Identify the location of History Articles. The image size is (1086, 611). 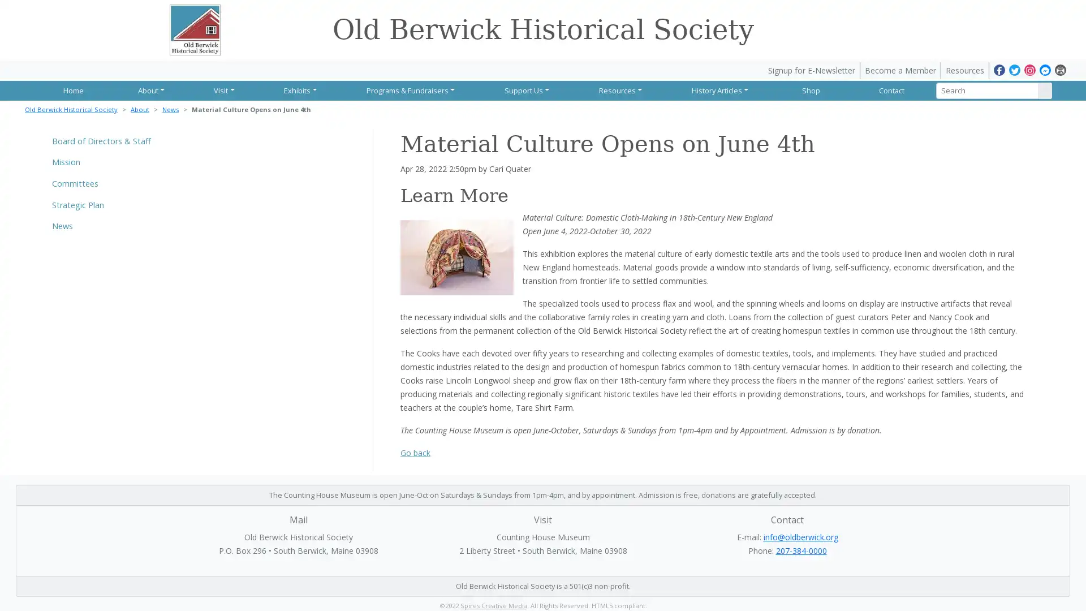
(716, 89).